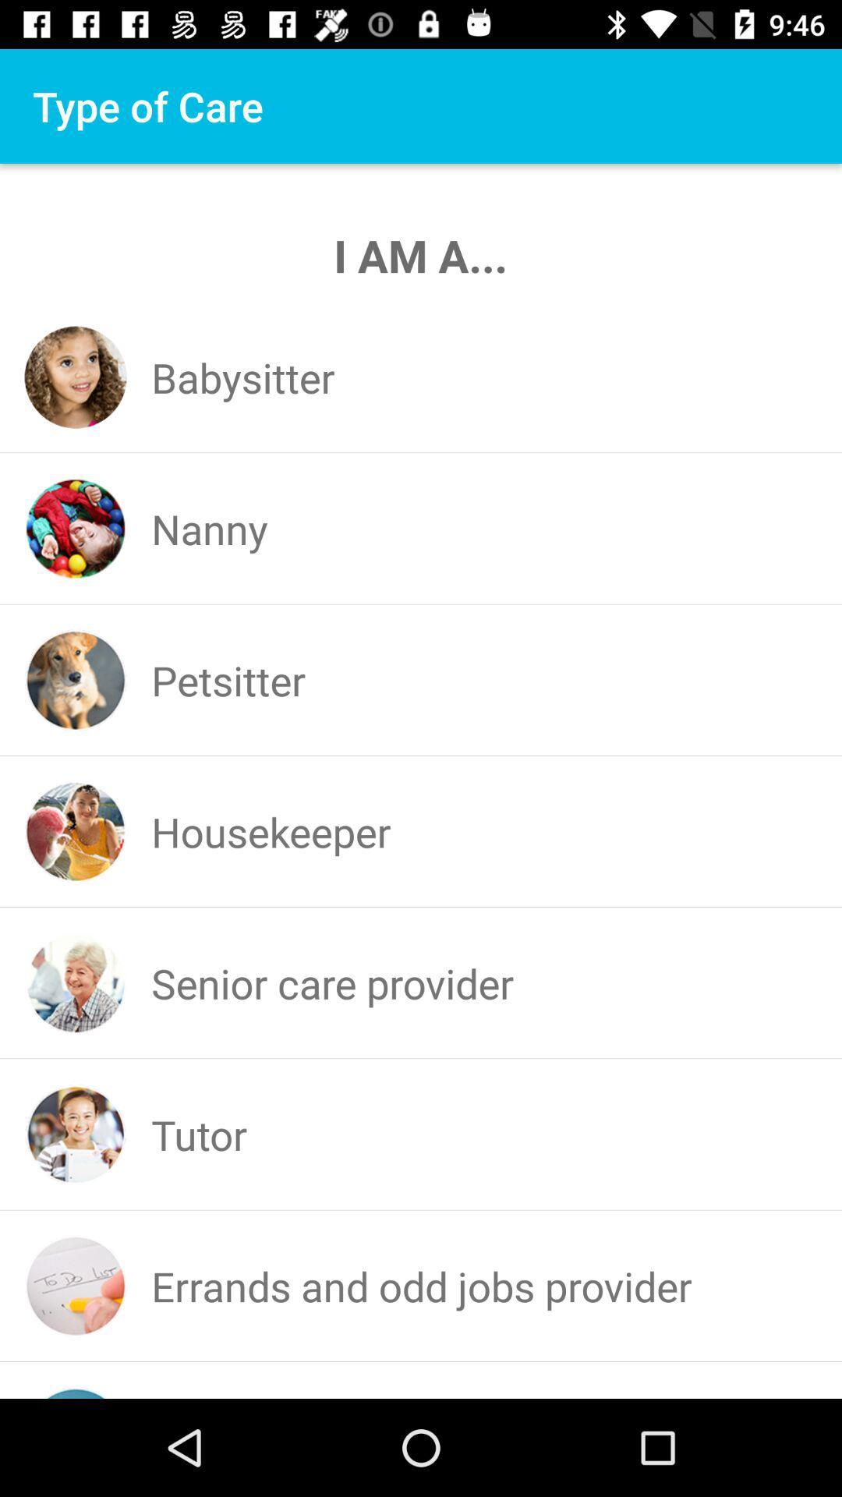 The width and height of the screenshot is (842, 1497). Describe the element at coordinates (76, 680) in the screenshot. I see `the icon which is before the petsitter` at that location.